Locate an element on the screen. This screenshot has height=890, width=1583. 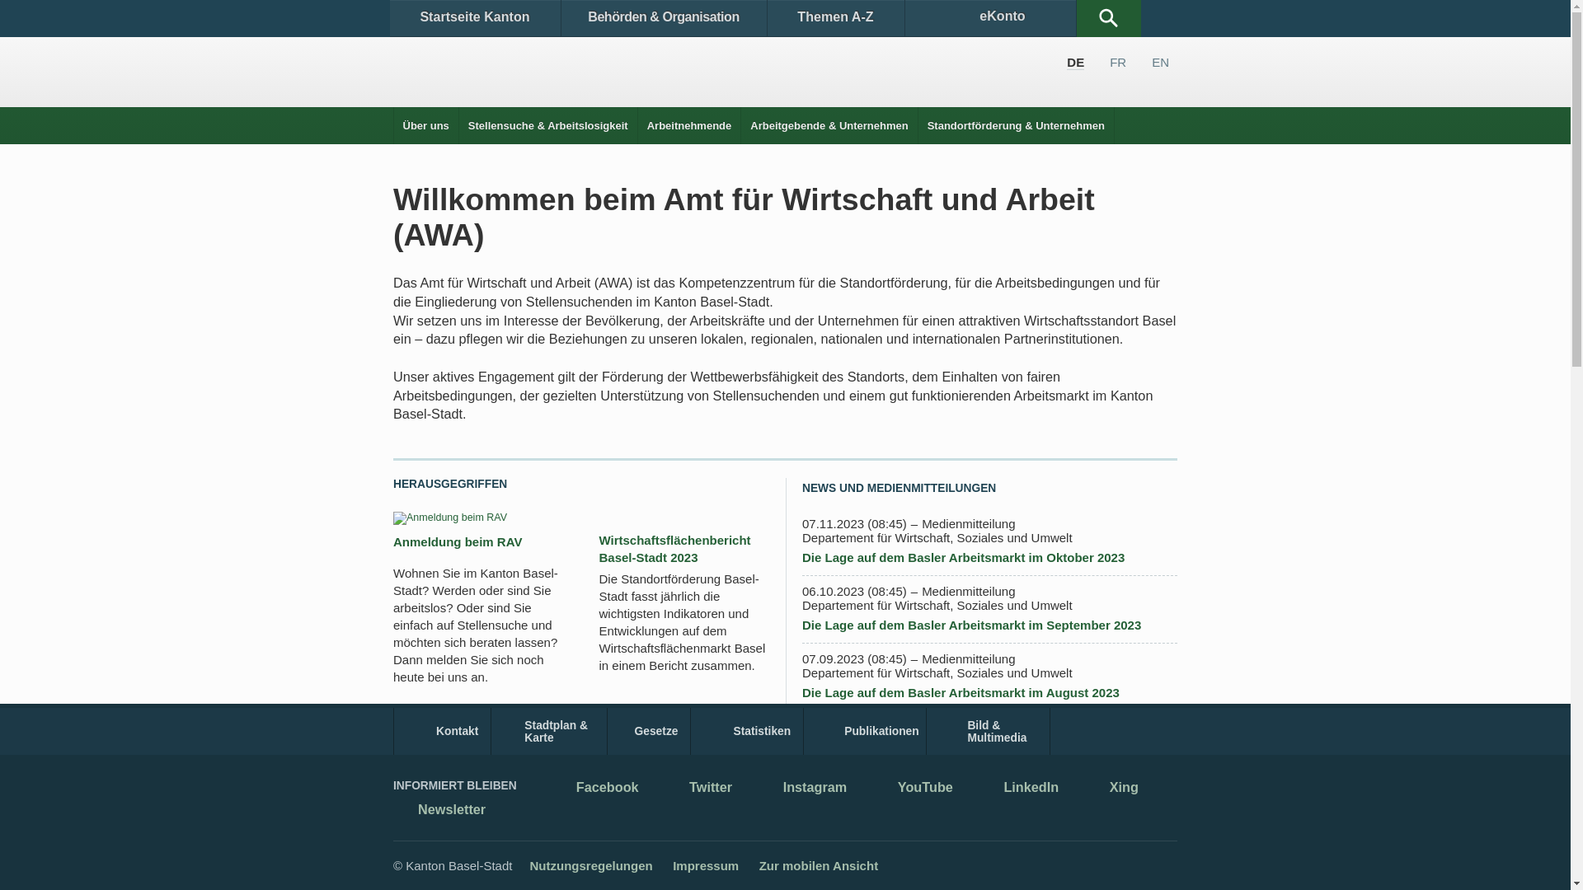
'Die Lage auf dem Basler Arbeitsmarkt im September 2023' is located at coordinates (971, 625).